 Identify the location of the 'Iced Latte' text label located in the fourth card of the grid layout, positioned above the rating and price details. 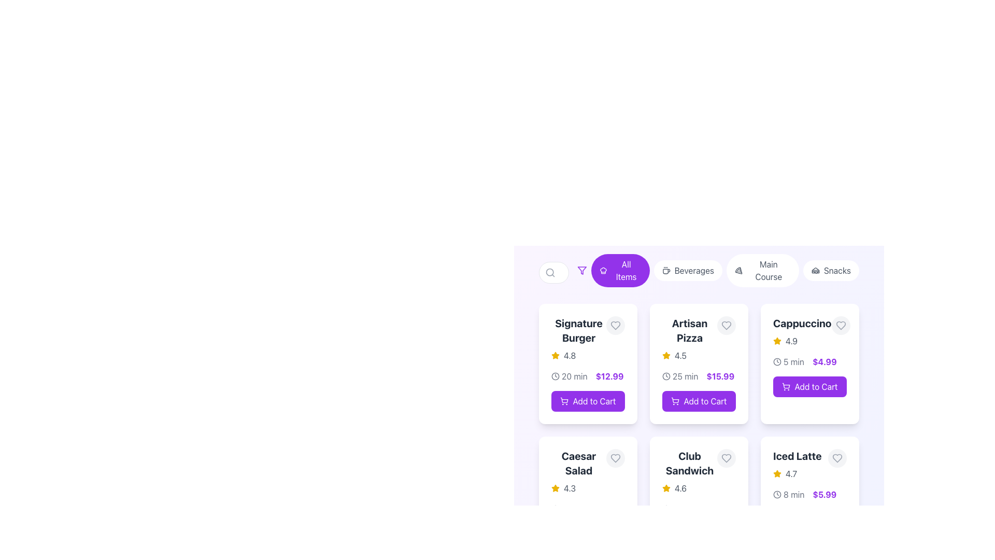
(796, 455).